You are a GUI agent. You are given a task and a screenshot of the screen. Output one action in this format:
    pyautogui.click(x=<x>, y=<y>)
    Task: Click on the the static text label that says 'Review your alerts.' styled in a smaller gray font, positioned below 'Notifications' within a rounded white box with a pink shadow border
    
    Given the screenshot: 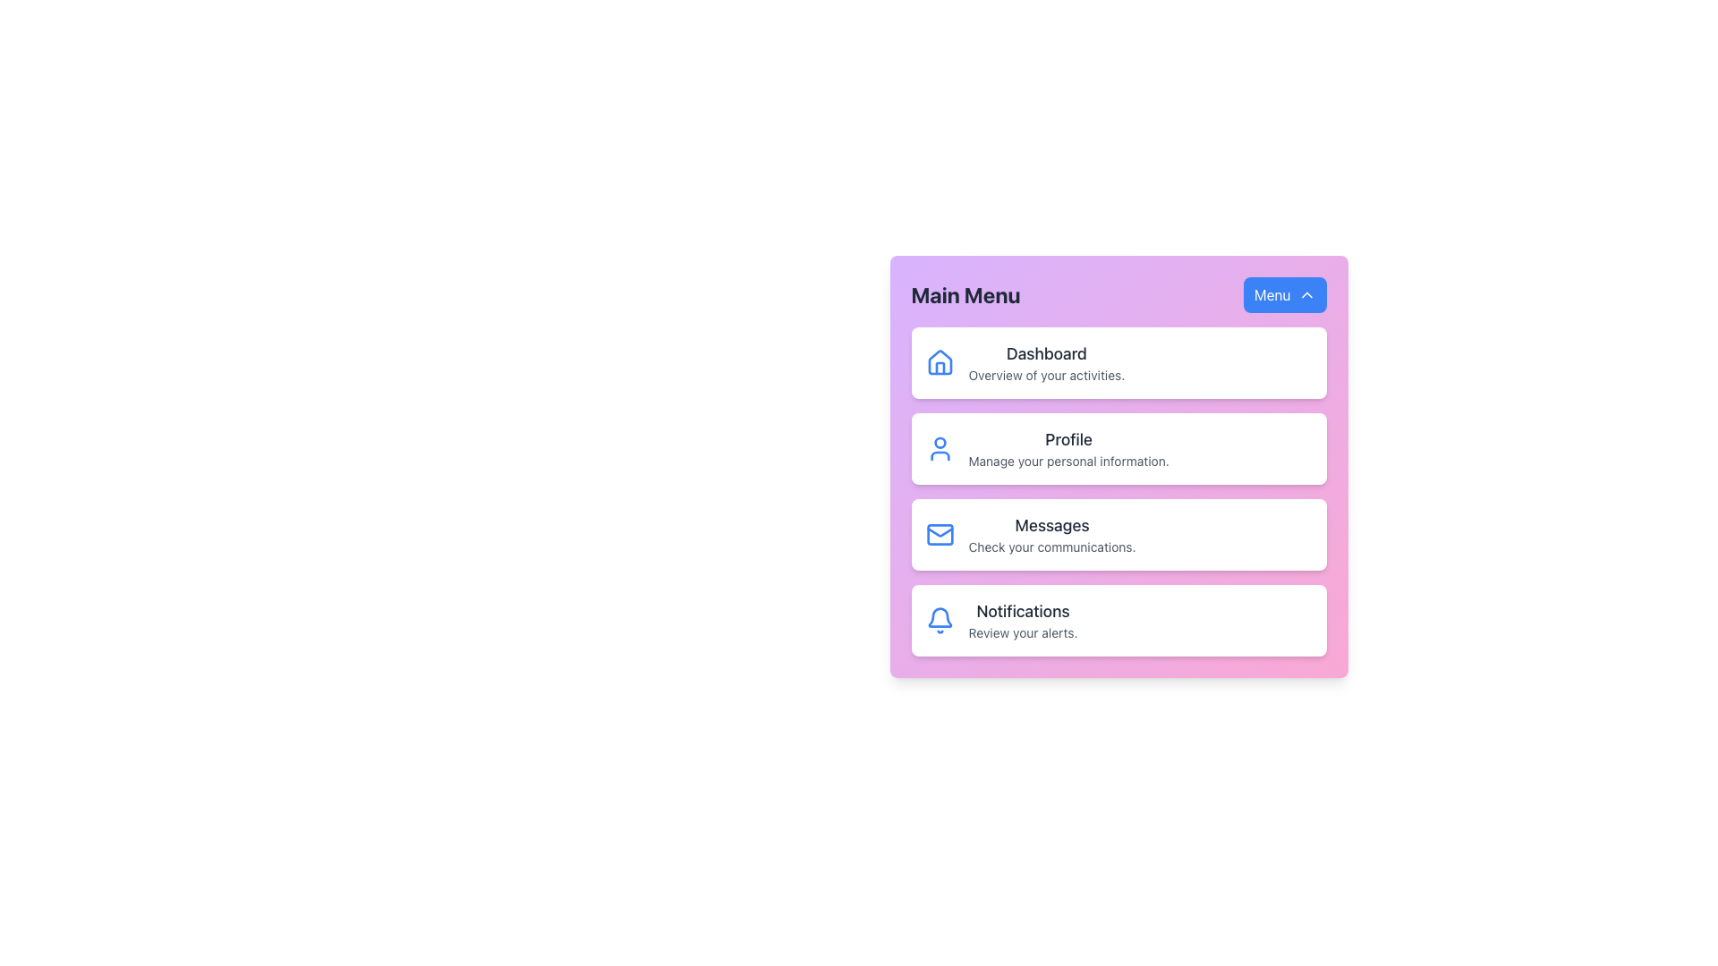 What is the action you would take?
    pyautogui.click(x=1023, y=632)
    